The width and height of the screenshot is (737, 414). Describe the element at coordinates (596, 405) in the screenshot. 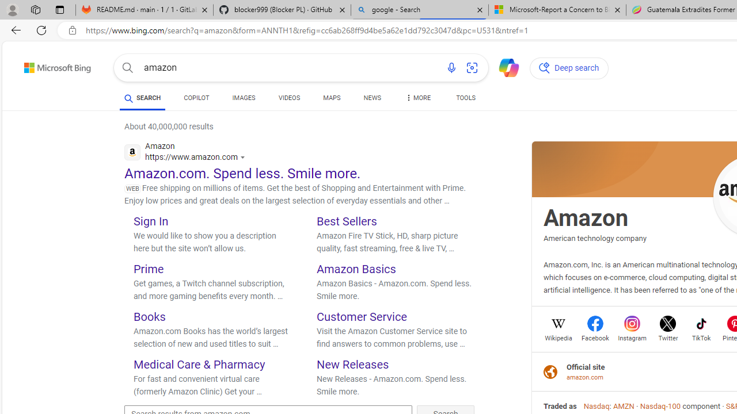

I see `'Nasdaq'` at that location.